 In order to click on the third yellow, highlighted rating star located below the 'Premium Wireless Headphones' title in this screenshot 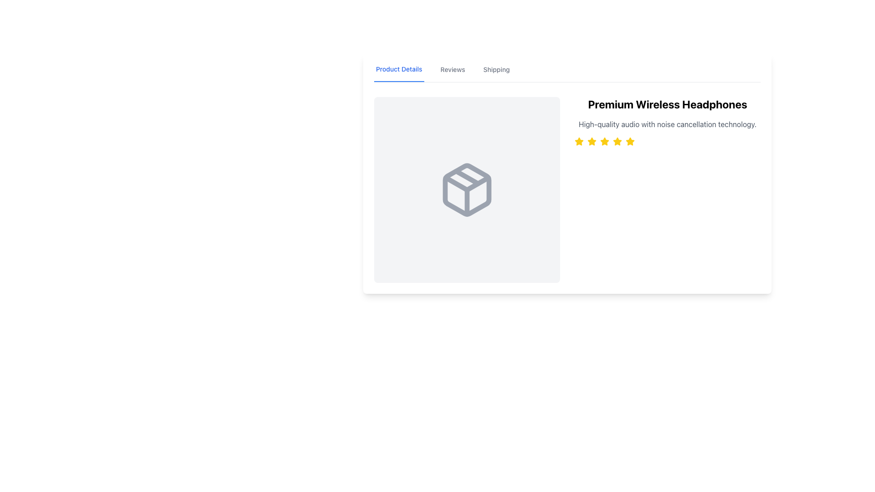, I will do `click(604, 141)`.